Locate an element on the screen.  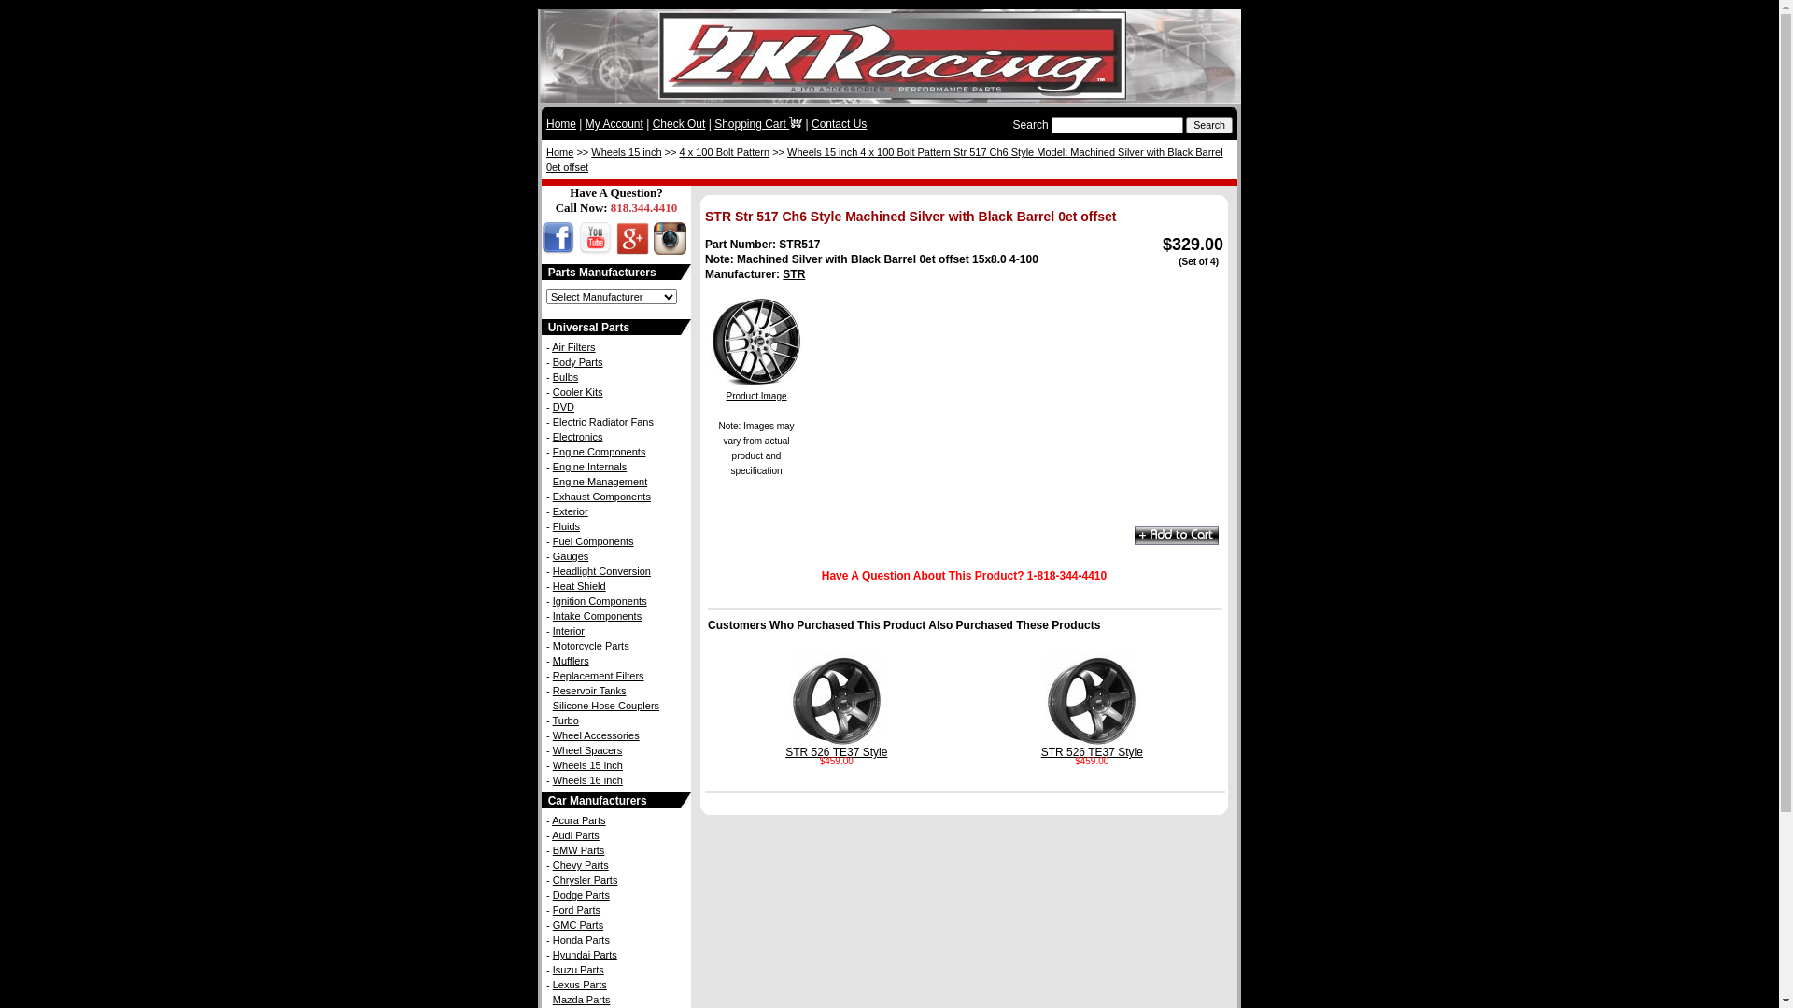
'2KRacing Facebook Page - Like Us!' is located at coordinates (557, 248).